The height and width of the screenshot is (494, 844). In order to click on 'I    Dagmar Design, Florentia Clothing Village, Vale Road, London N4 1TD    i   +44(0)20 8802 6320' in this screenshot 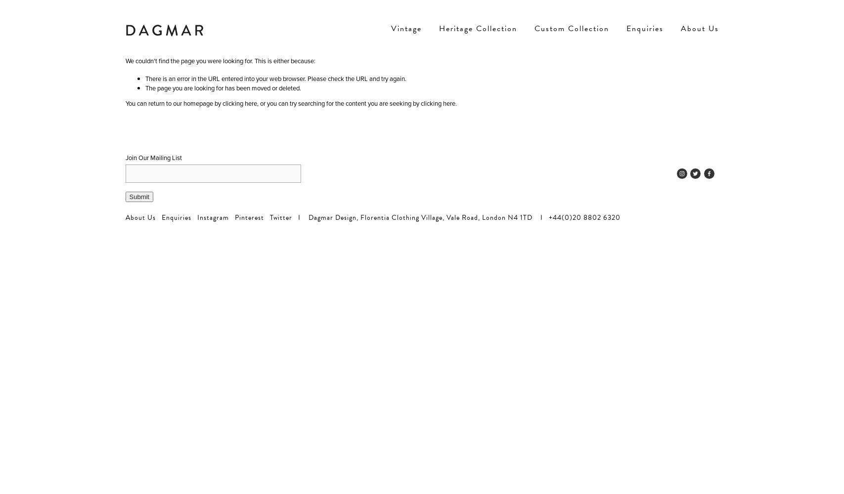, I will do `click(455, 217)`.